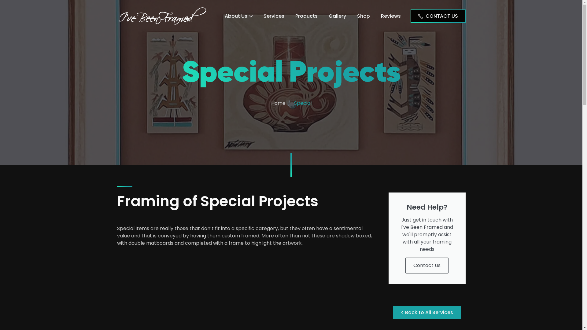 This screenshot has width=587, height=330. What do you see at coordinates (278, 103) in the screenshot?
I see `'Home'` at bounding box center [278, 103].